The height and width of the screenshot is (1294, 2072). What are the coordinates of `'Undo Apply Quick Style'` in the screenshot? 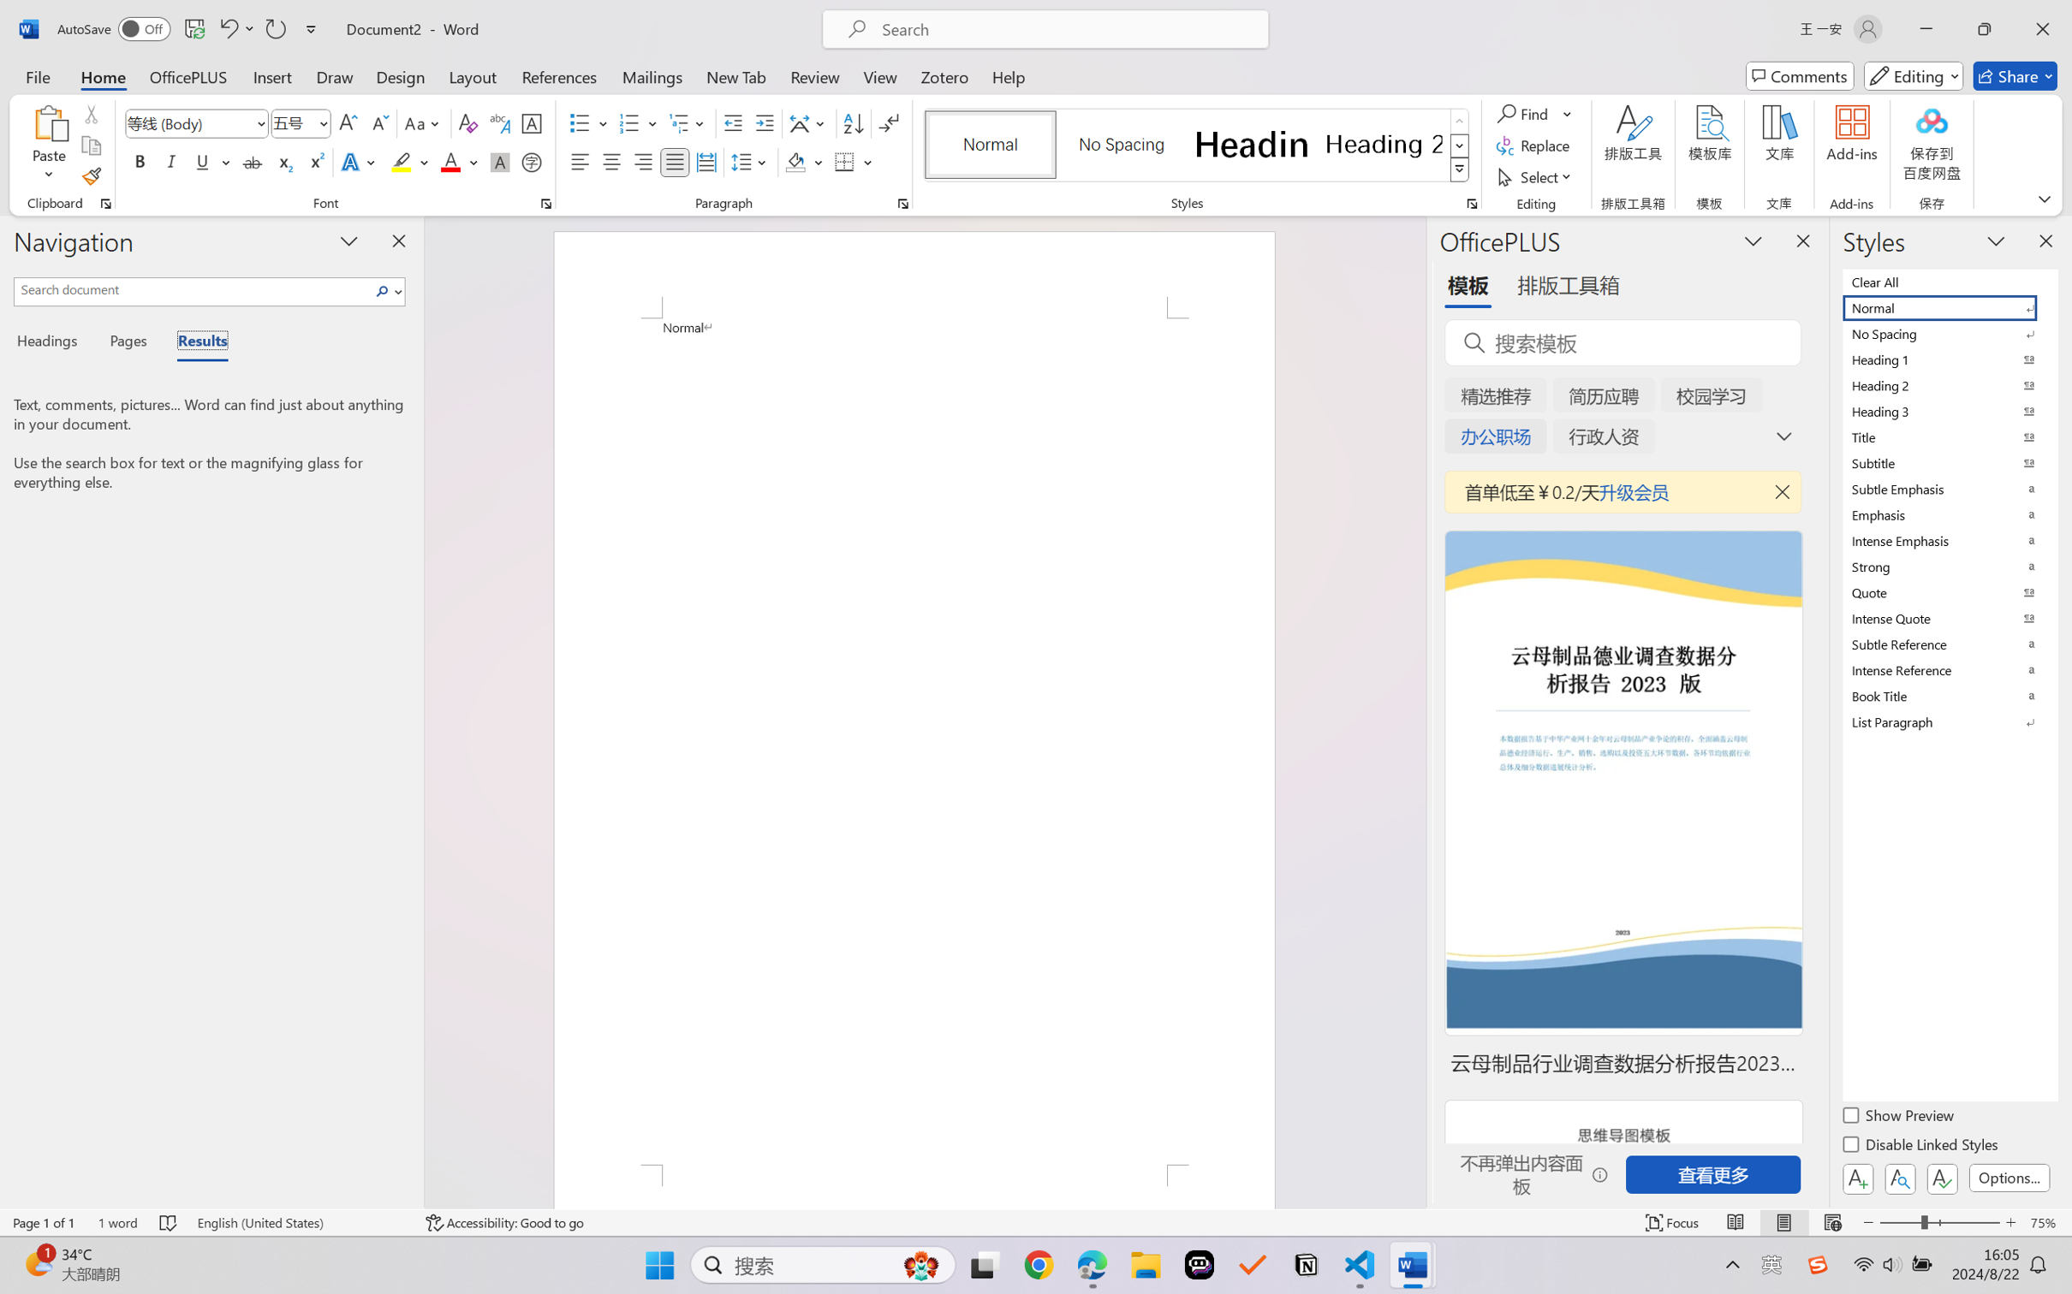 It's located at (227, 28).